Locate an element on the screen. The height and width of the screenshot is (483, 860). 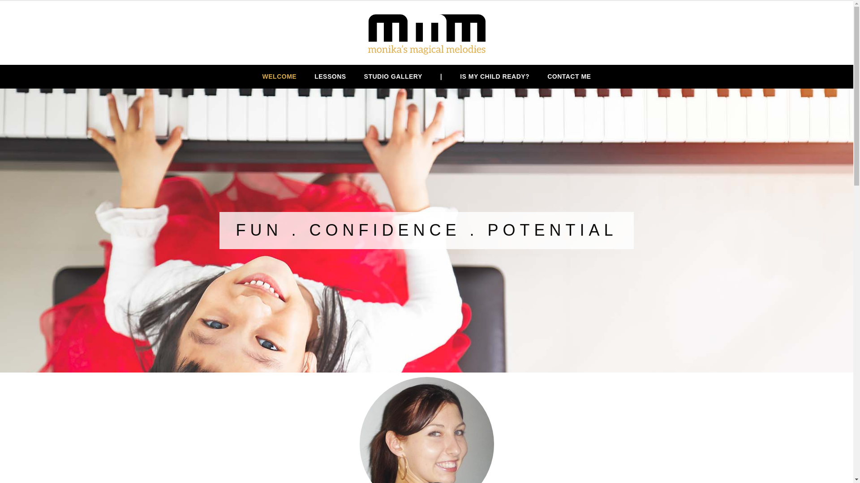
'STUDIO GALLERY' is located at coordinates (393, 76).